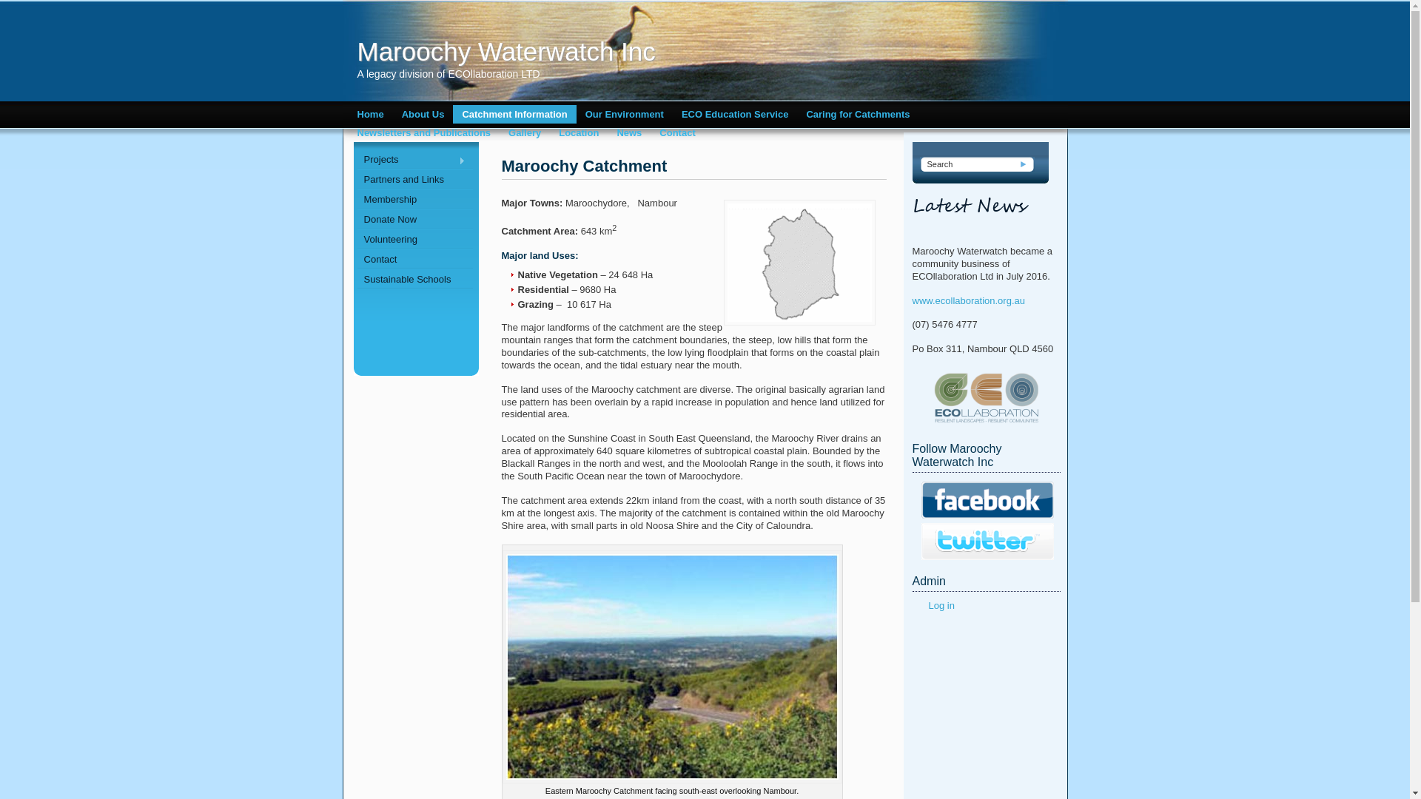 The image size is (1421, 799). I want to click on 'Our Environment', so click(625, 113).